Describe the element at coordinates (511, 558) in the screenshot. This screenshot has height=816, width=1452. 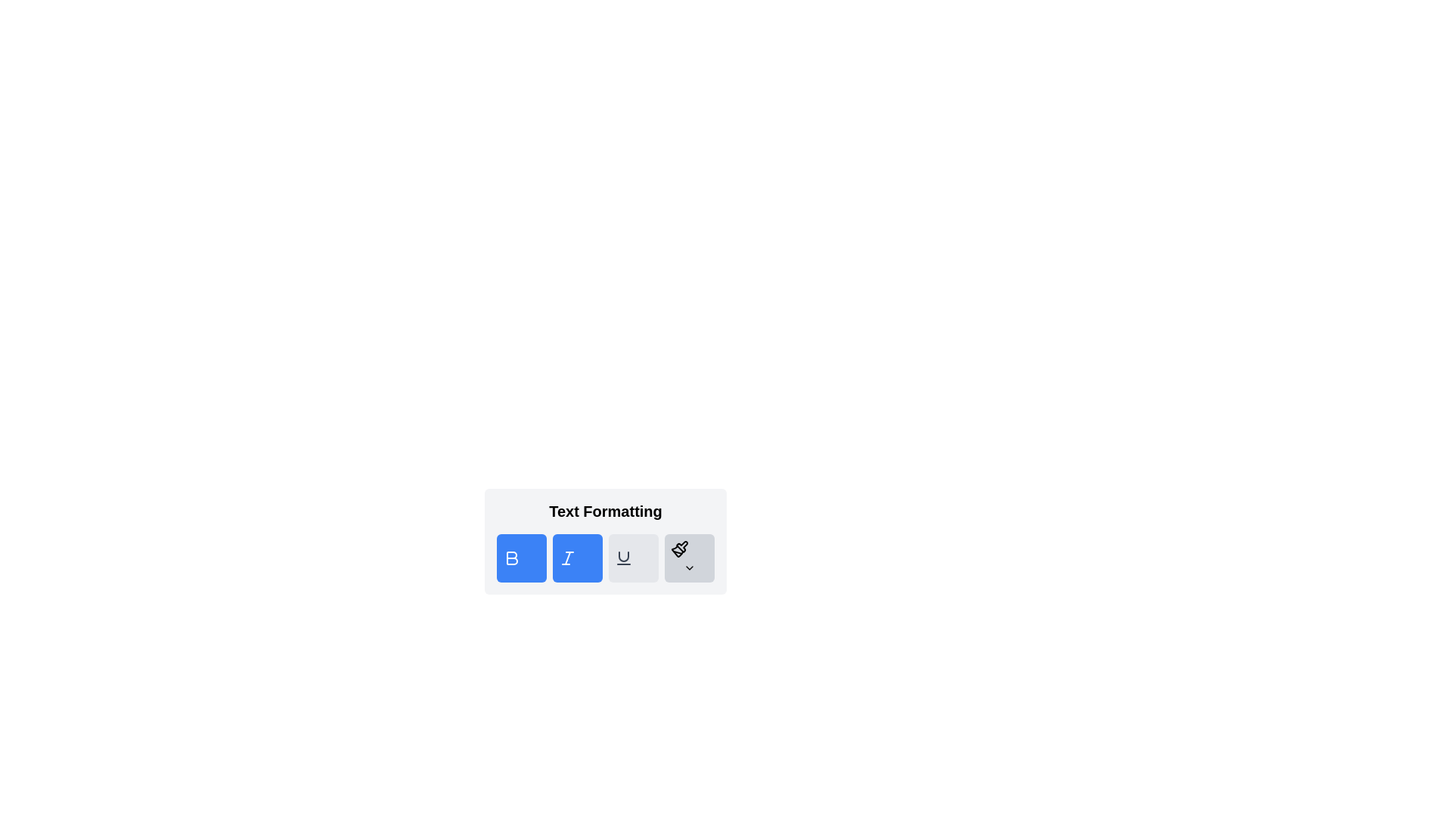
I see `the bold formatting button located on the bottom-left side of the toolbar` at that location.